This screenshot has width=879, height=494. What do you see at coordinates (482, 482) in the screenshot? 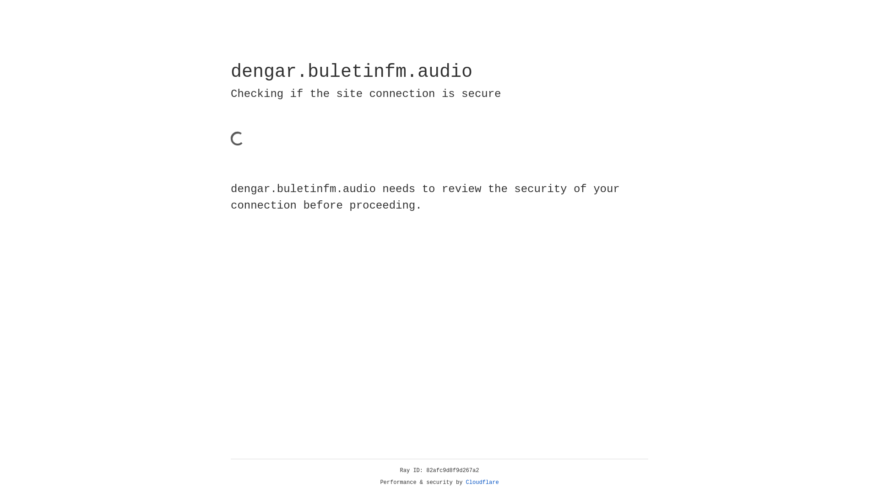
I see `'Cloudflare'` at bounding box center [482, 482].